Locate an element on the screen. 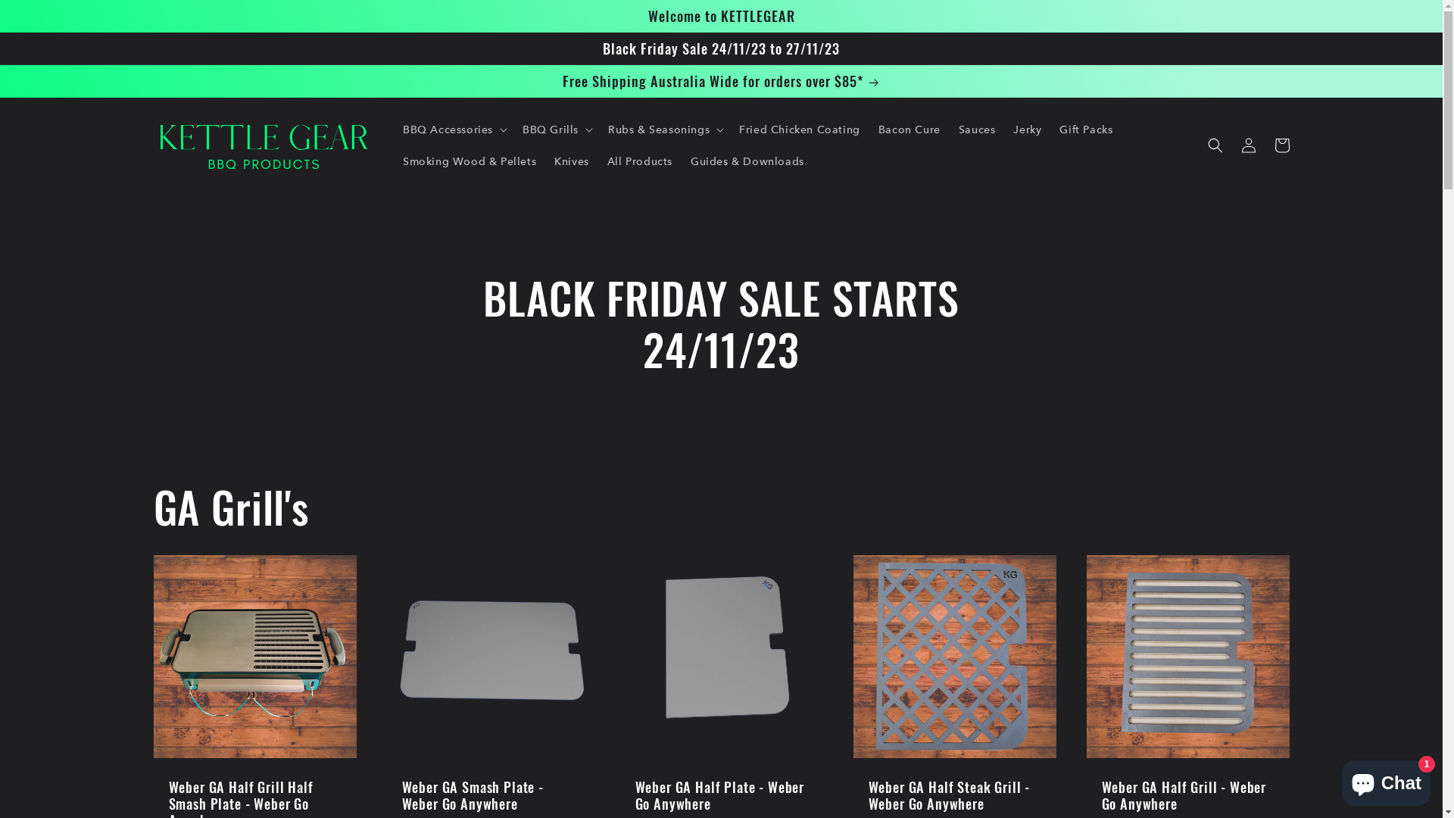 The image size is (1454, 818). 'Cart' is located at coordinates (1280, 145).